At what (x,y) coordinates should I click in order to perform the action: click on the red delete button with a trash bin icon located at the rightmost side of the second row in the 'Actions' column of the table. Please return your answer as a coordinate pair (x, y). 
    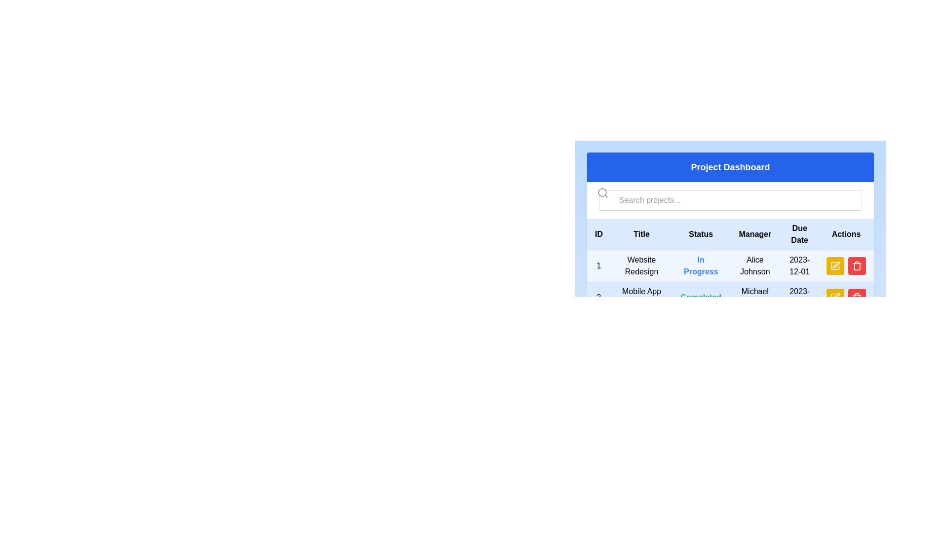
    Looking at the image, I should click on (857, 297).